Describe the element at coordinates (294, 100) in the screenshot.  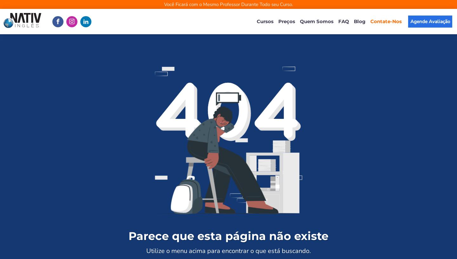
I see `'Curso de Inglês para Iniciantes'` at that location.